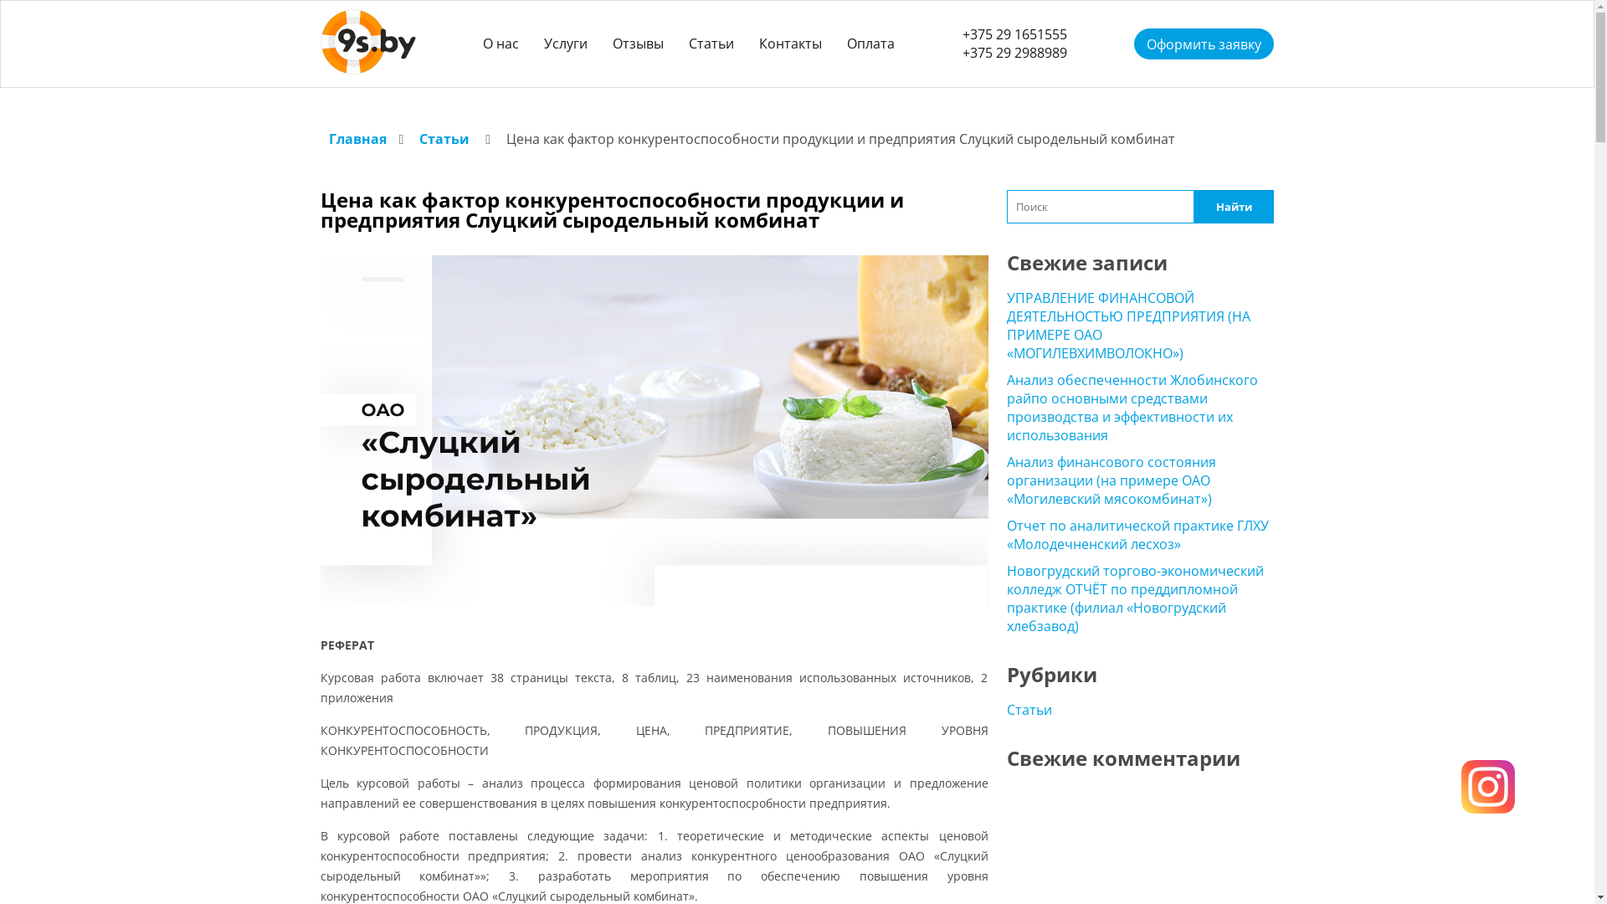 The height and width of the screenshot is (904, 1607). I want to click on '+375 29 1651555', so click(1014, 34).